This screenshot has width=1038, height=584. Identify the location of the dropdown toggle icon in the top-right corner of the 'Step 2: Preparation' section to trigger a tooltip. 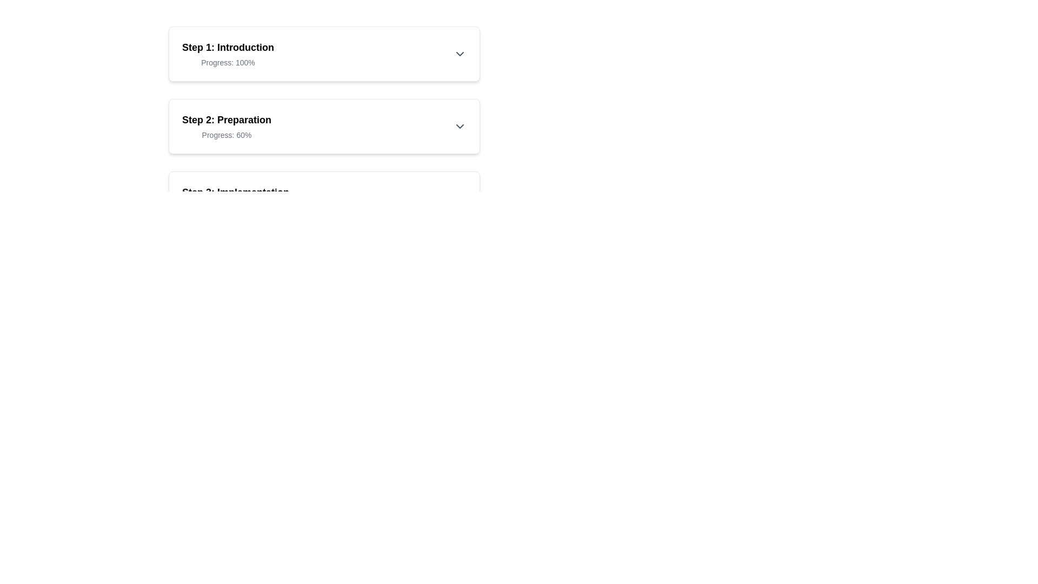
(460, 126).